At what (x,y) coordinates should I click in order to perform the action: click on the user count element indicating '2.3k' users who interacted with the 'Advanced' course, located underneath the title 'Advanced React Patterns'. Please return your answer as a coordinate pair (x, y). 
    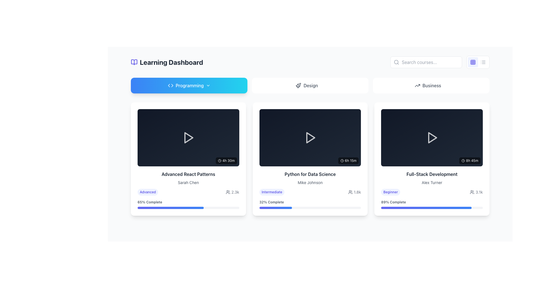
    Looking at the image, I should click on (188, 192).